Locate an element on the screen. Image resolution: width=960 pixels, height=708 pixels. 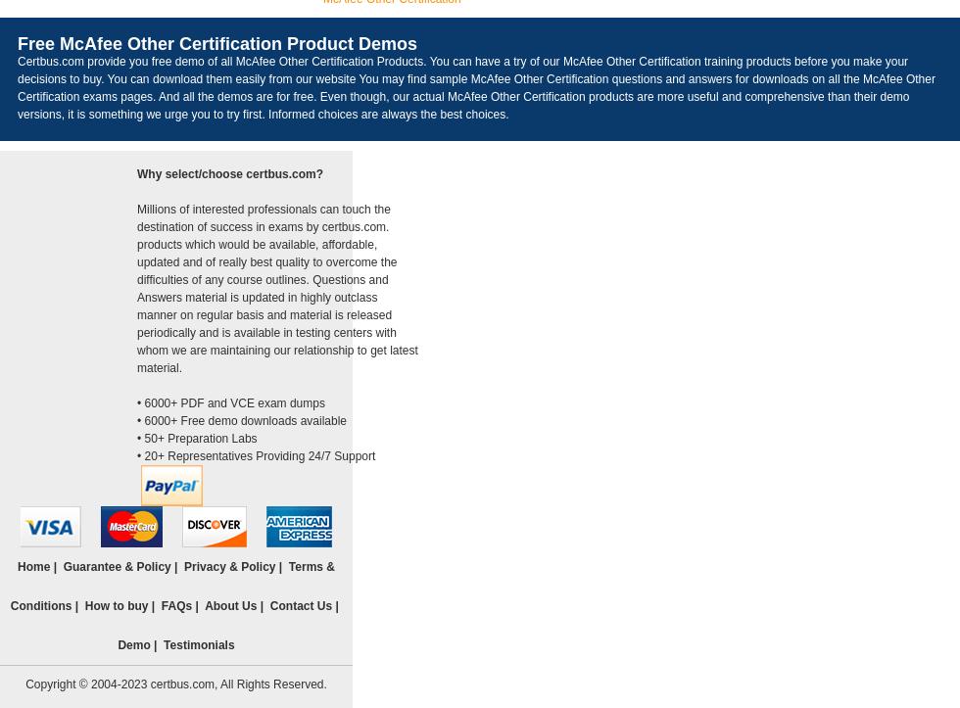
'FAQs' is located at coordinates (176, 606).